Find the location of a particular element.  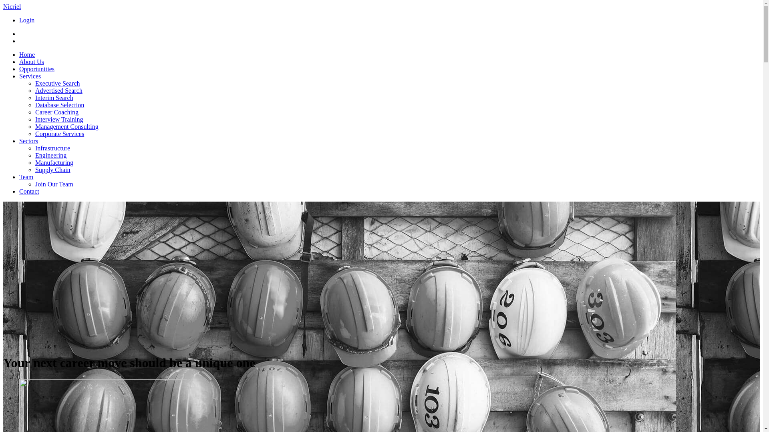

'Manufacturing' is located at coordinates (54, 162).